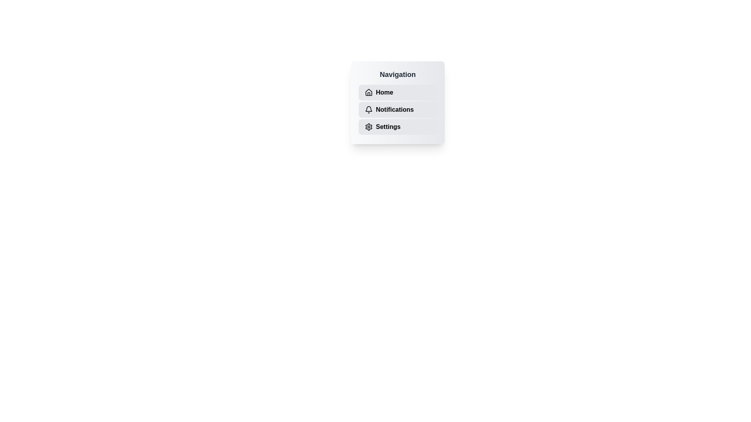 This screenshot has width=751, height=422. What do you see at coordinates (398, 110) in the screenshot?
I see `the navigation item Notifications to observe hover effects` at bounding box center [398, 110].